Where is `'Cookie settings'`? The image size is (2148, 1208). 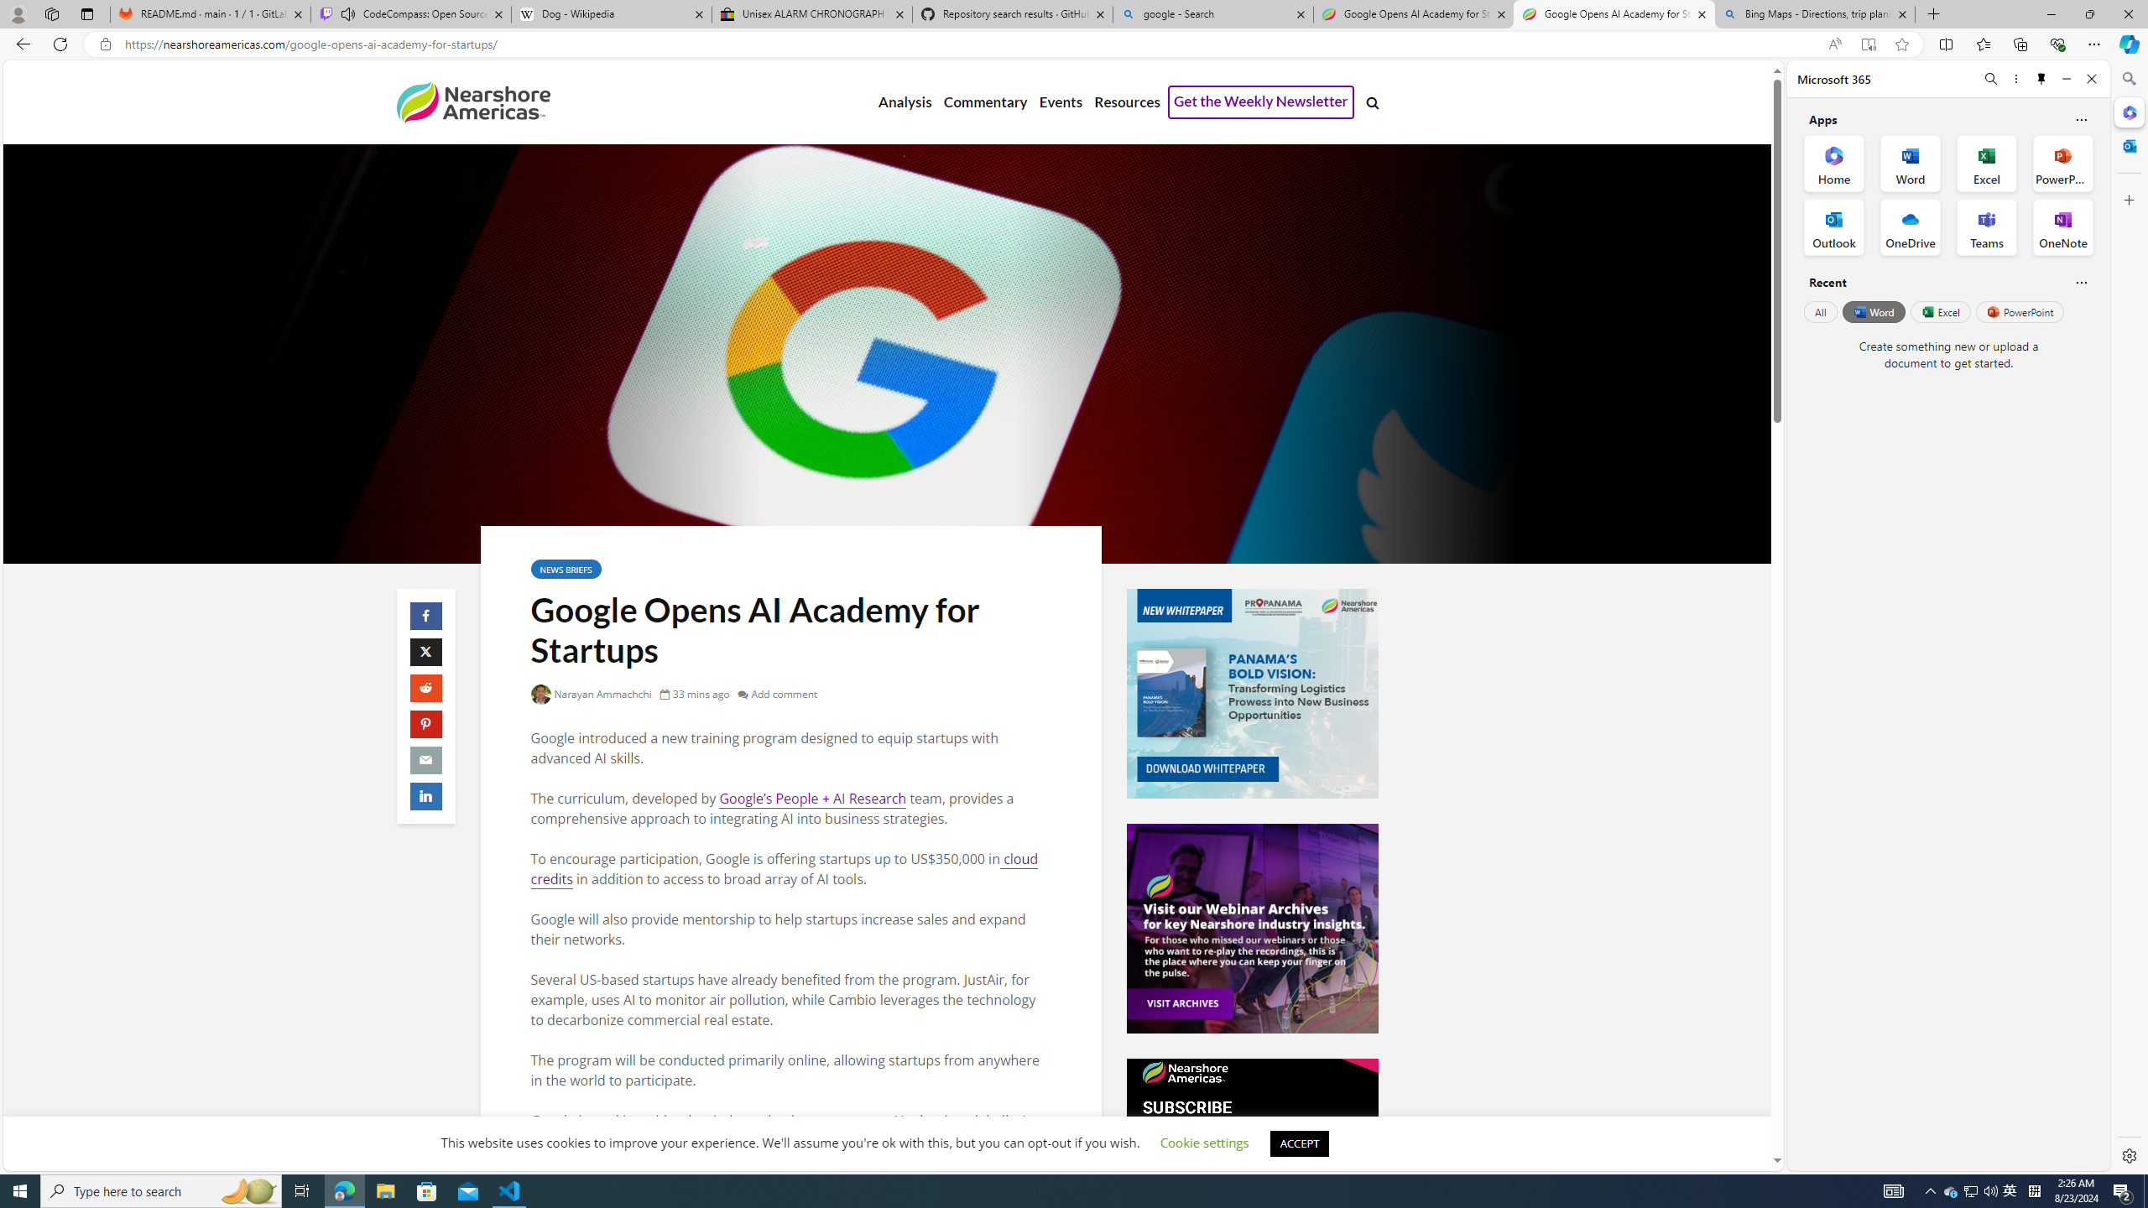 'Cookie settings' is located at coordinates (1204, 1143).